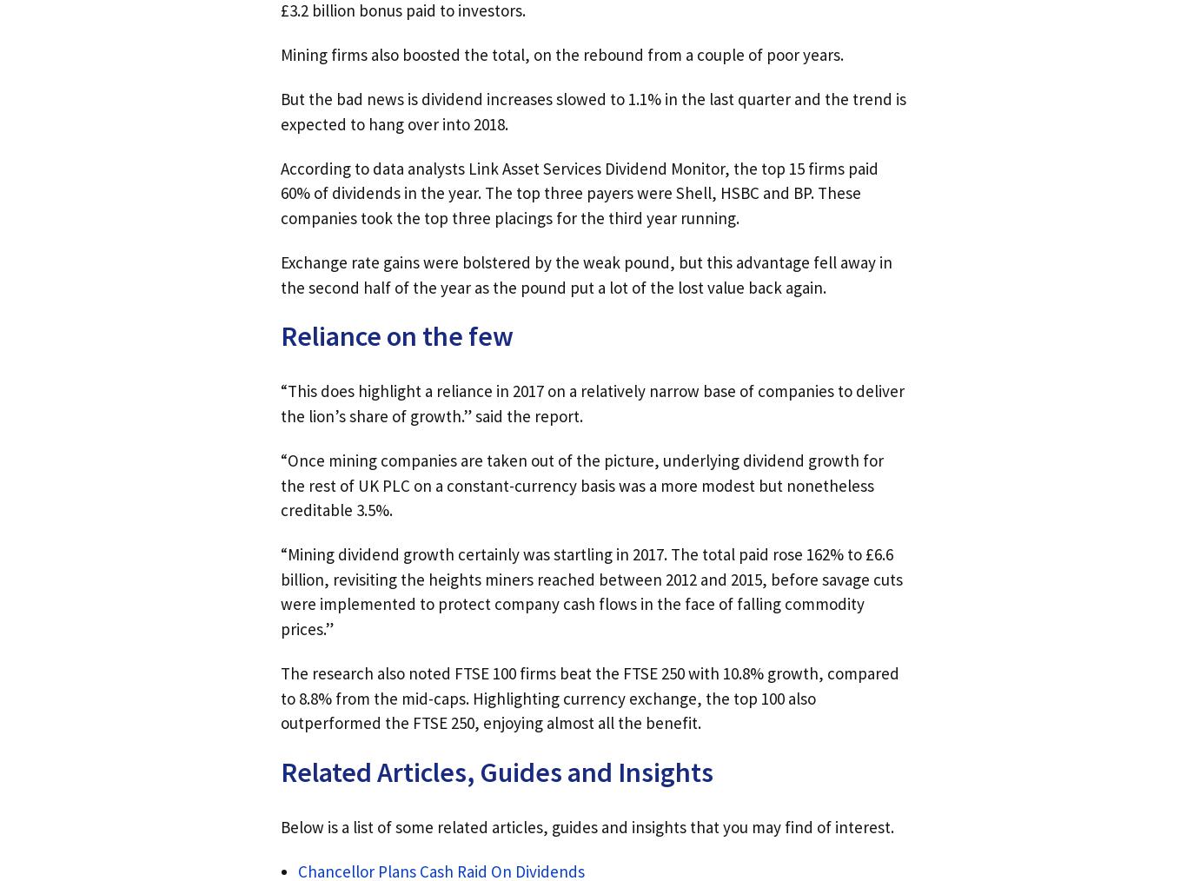 The image size is (1187, 881). Describe the element at coordinates (587, 826) in the screenshot. I see `'Below is a list of some related articles, guides and insights that you may find of interest.'` at that location.